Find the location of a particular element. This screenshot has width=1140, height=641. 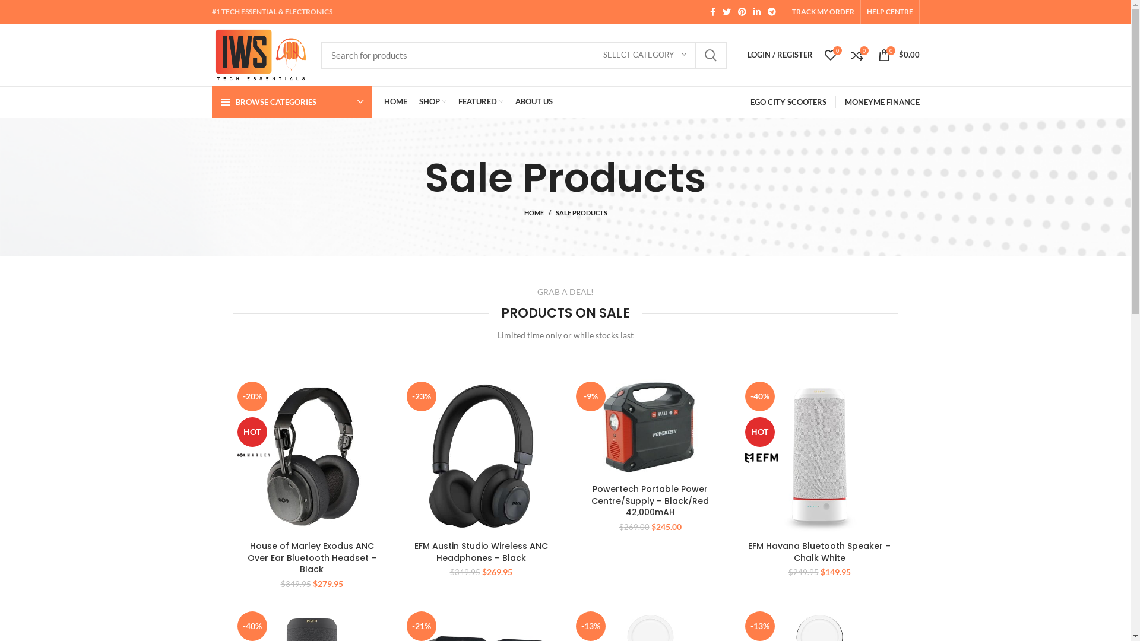

'LOGIN / REGISTER' is located at coordinates (740, 55).